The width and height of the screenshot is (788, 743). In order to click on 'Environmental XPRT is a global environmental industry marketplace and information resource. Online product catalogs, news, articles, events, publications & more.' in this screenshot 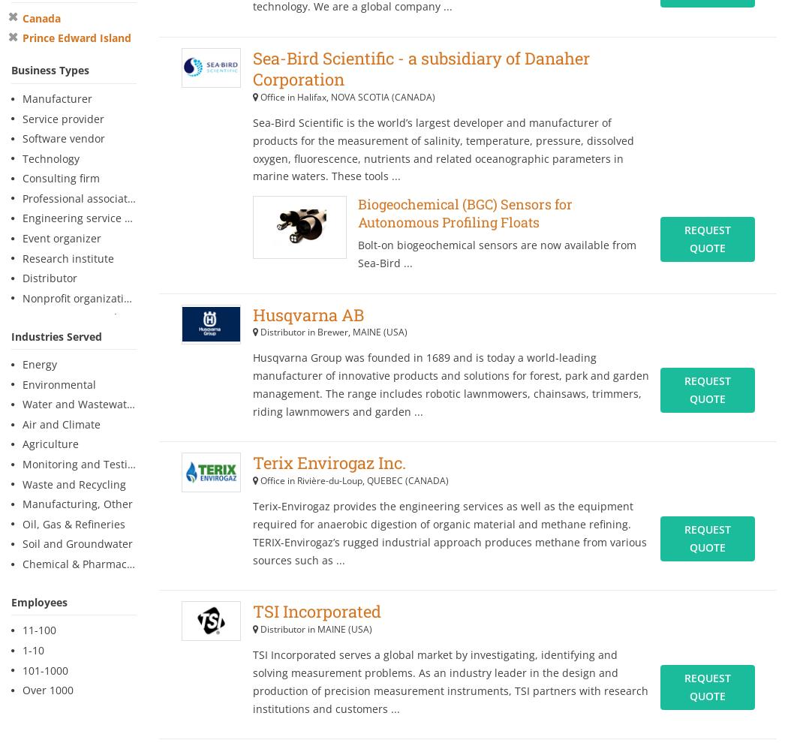, I will do `click(149, 535)`.